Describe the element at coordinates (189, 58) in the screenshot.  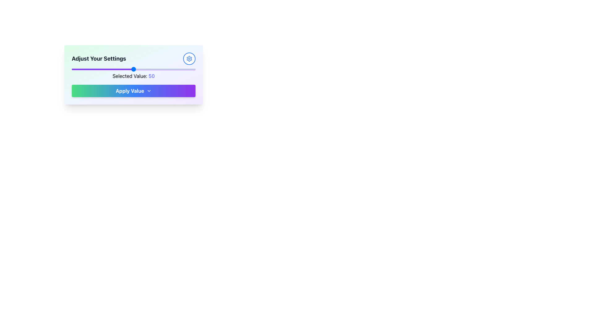
I see `the settings icon located in the top-right corner of the 'Adjust Your Settings' card` at that location.